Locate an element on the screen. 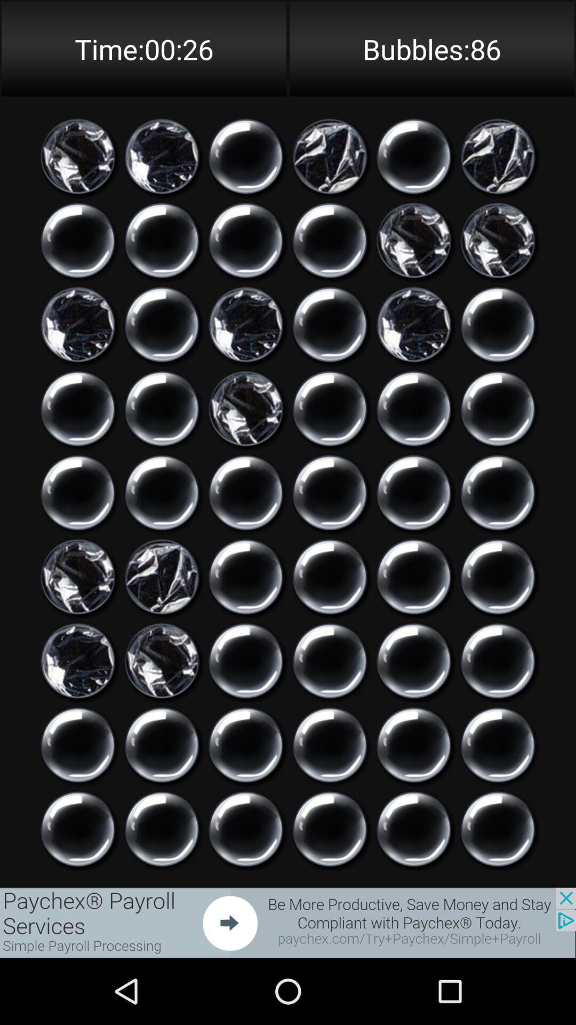 Image resolution: width=576 pixels, height=1025 pixels. go back is located at coordinates (498, 492).